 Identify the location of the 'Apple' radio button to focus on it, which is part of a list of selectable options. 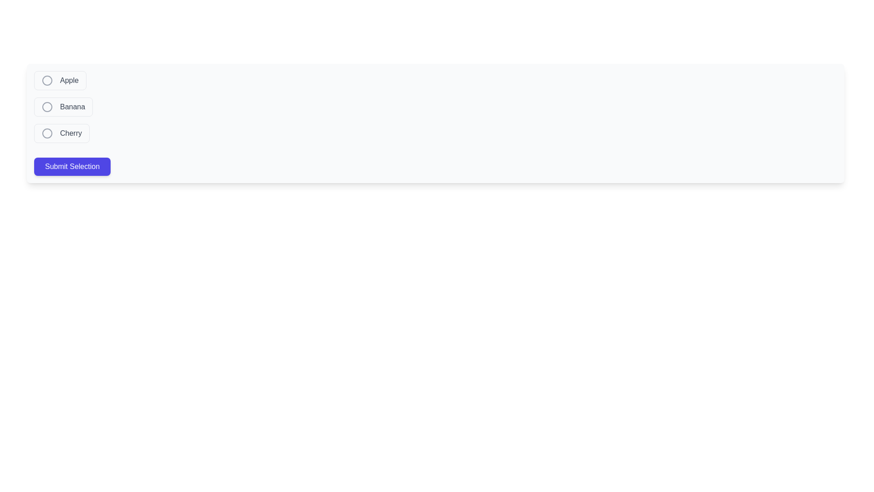
(60, 80).